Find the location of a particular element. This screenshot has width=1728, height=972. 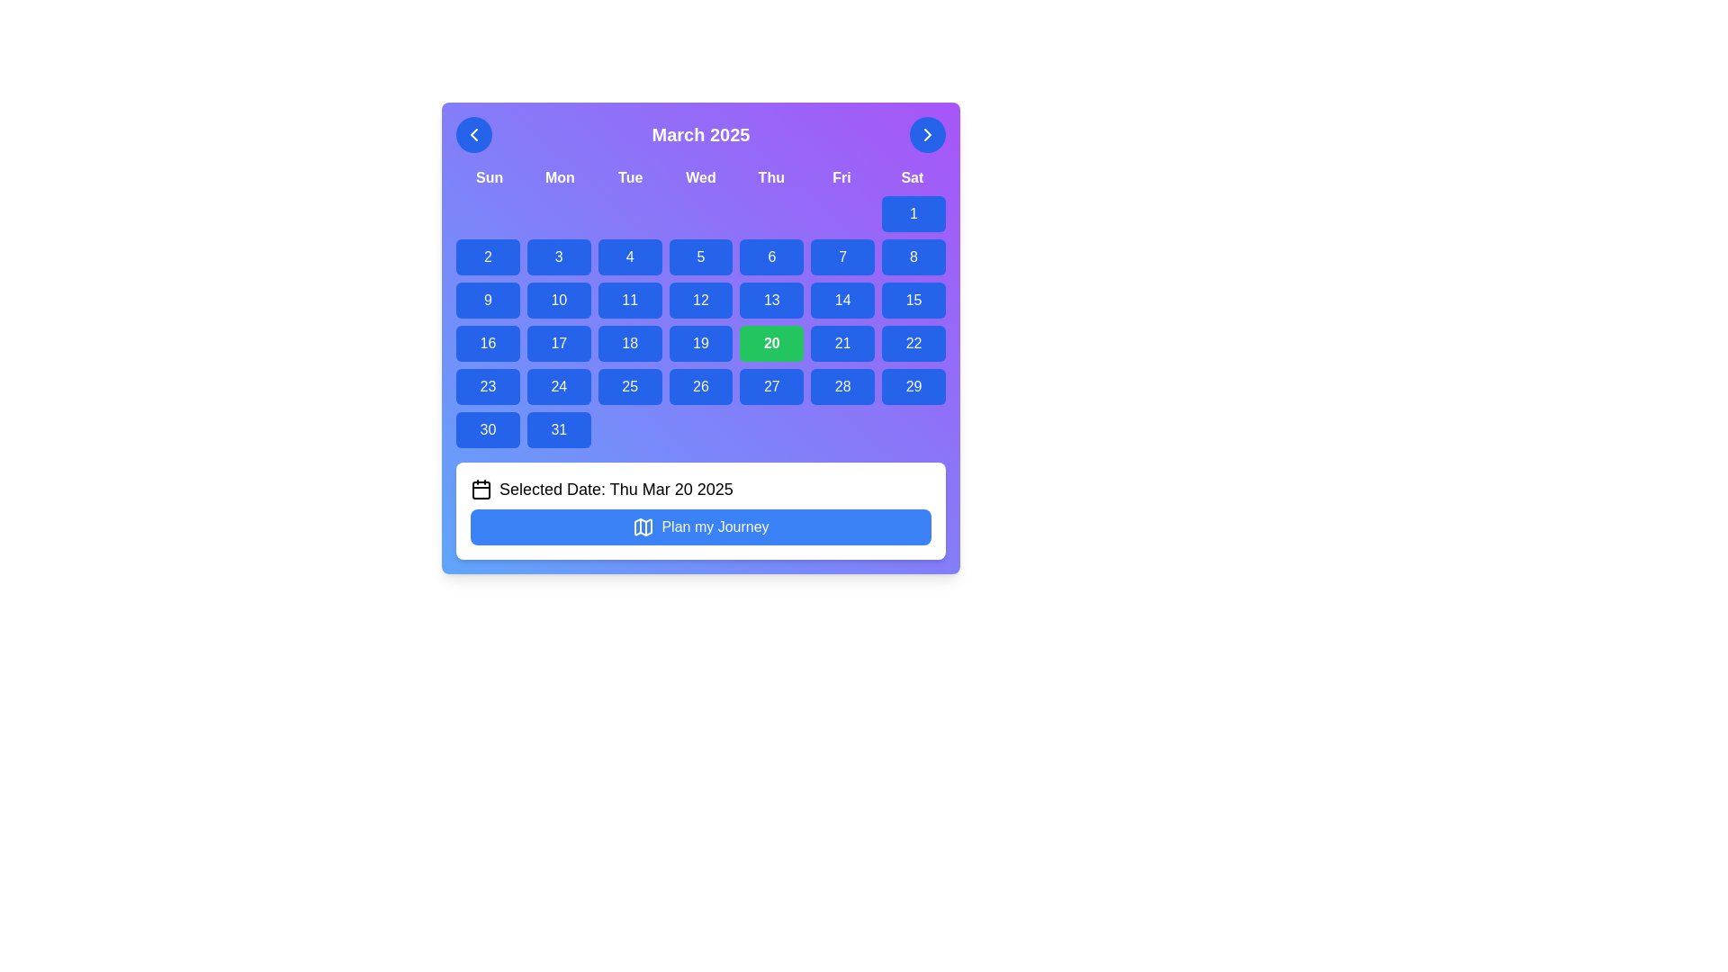

the button displaying the number '26' in the center, which has a bold blue background and is part of a calendar grid layout is located at coordinates (699, 385).